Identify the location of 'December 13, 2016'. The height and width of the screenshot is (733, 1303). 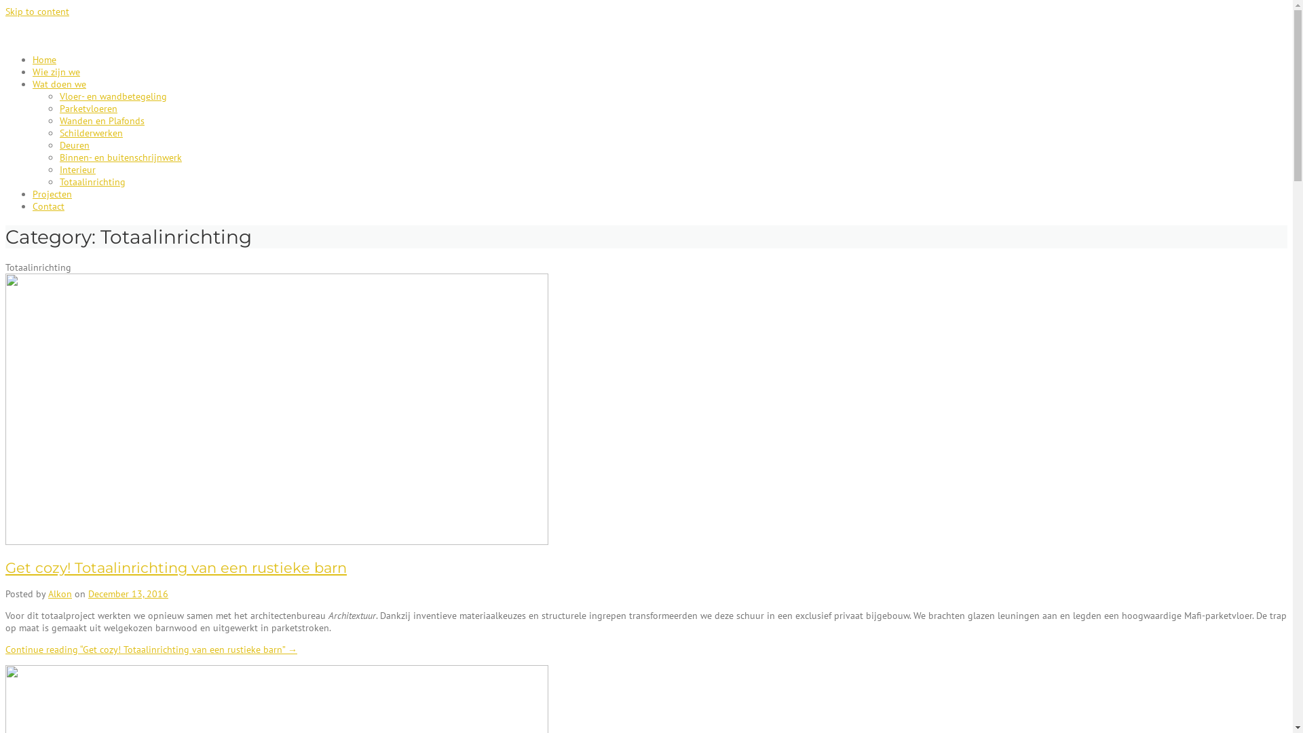
(128, 593).